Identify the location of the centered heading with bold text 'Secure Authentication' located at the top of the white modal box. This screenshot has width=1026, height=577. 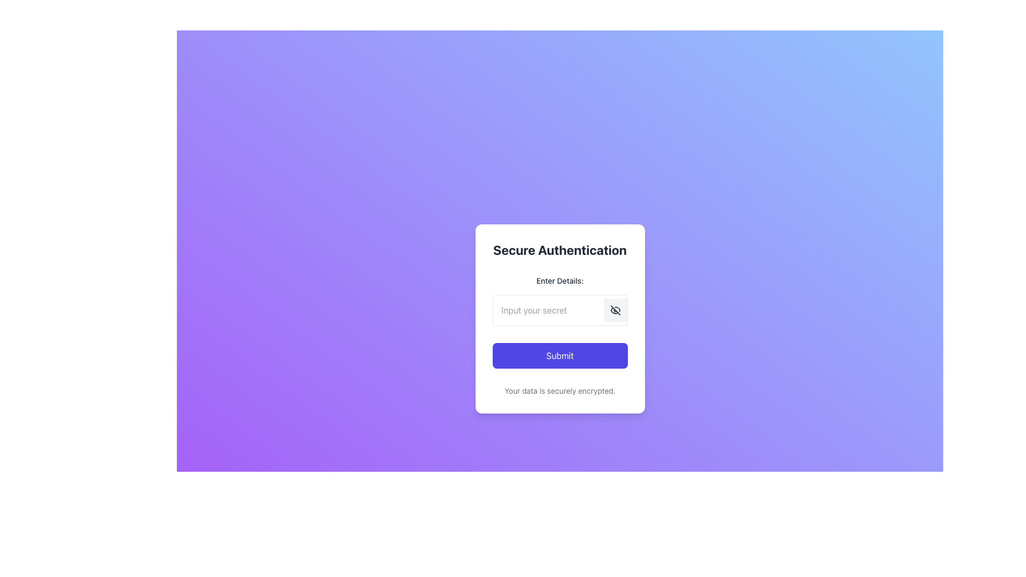
(559, 249).